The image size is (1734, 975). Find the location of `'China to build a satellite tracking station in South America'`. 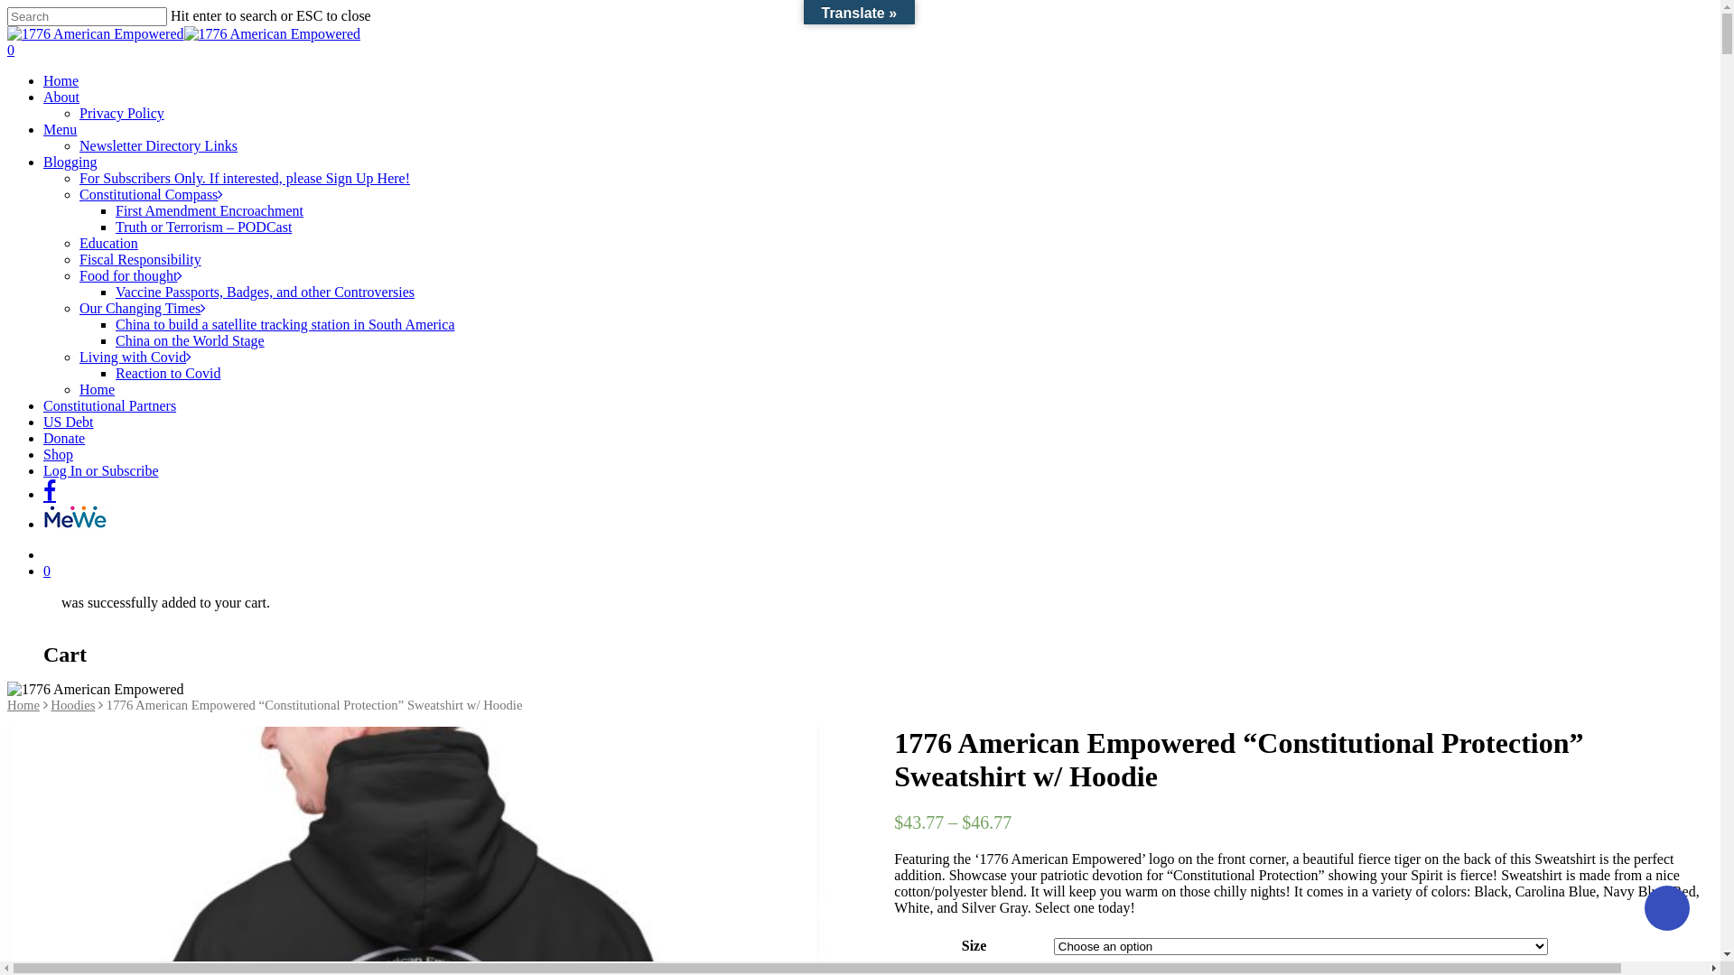

'China to build a satellite tracking station in South America' is located at coordinates (284, 323).